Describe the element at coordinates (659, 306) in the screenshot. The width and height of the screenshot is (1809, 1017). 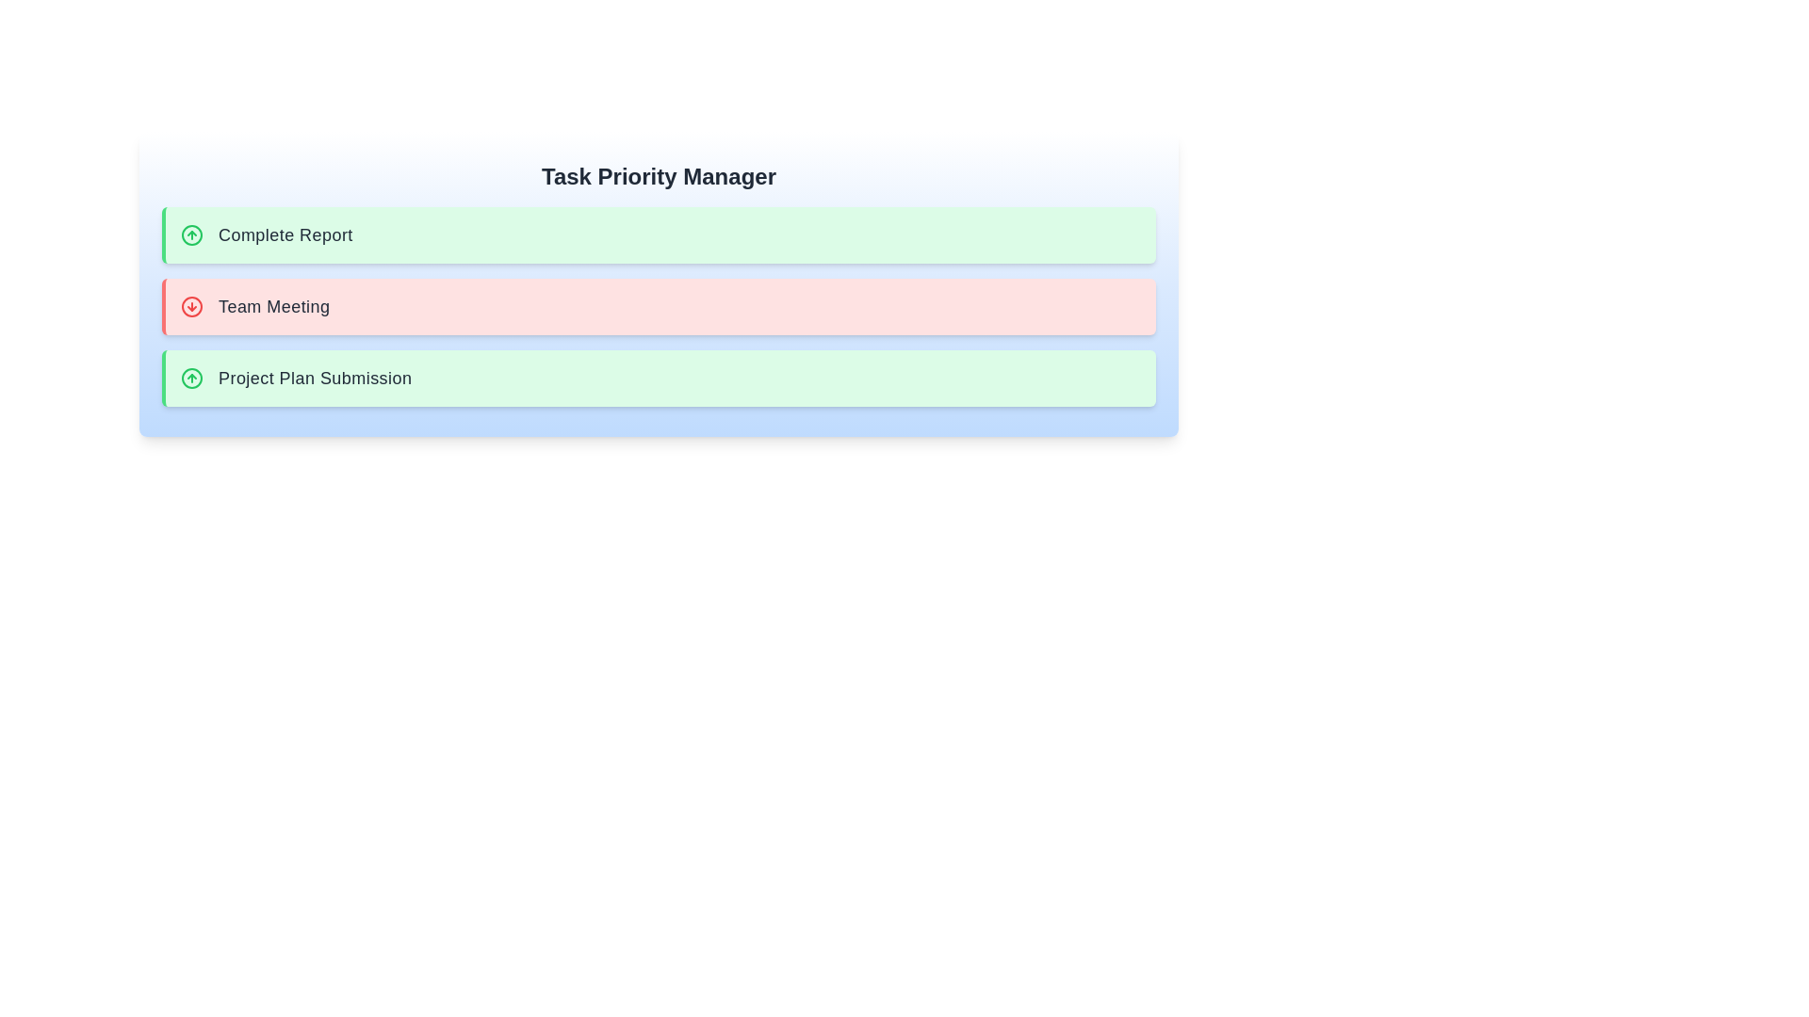
I see `the task item Team Meeting to see its hover effects` at that location.